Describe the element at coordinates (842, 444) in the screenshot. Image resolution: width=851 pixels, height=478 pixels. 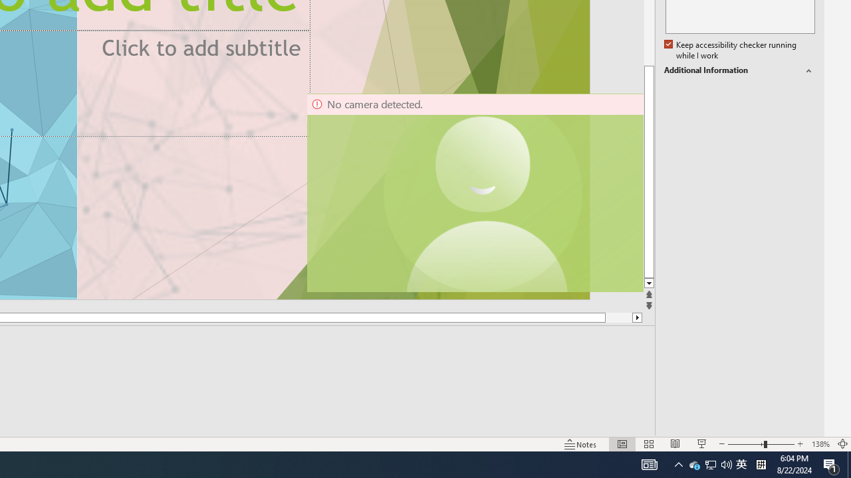
I see `'Zoom to Fit '` at that location.